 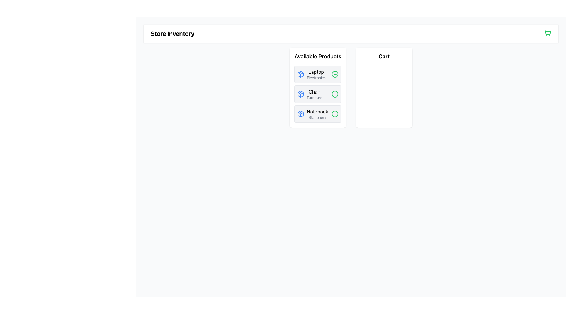 I want to click on the first icon in the 'Available Products' section that distinguishes the 'Laptop' category, so click(x=301, y=74).